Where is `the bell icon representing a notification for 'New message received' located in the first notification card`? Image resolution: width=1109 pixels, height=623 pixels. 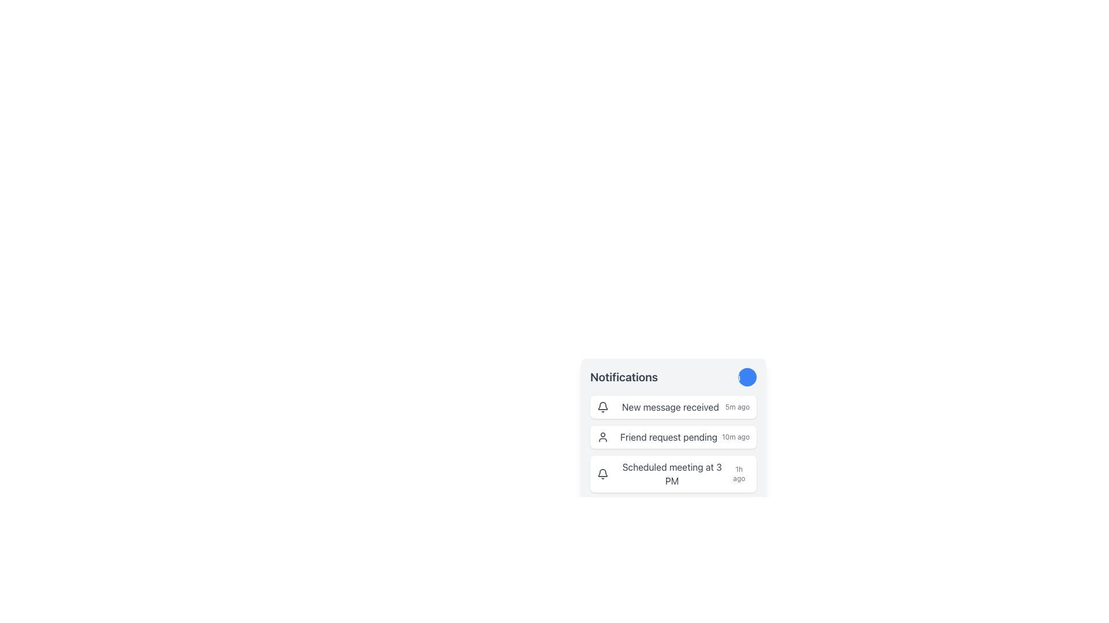 the bell icon representing a notification for 'New message received' located in the first notification card is located at coordinates (602, 406).